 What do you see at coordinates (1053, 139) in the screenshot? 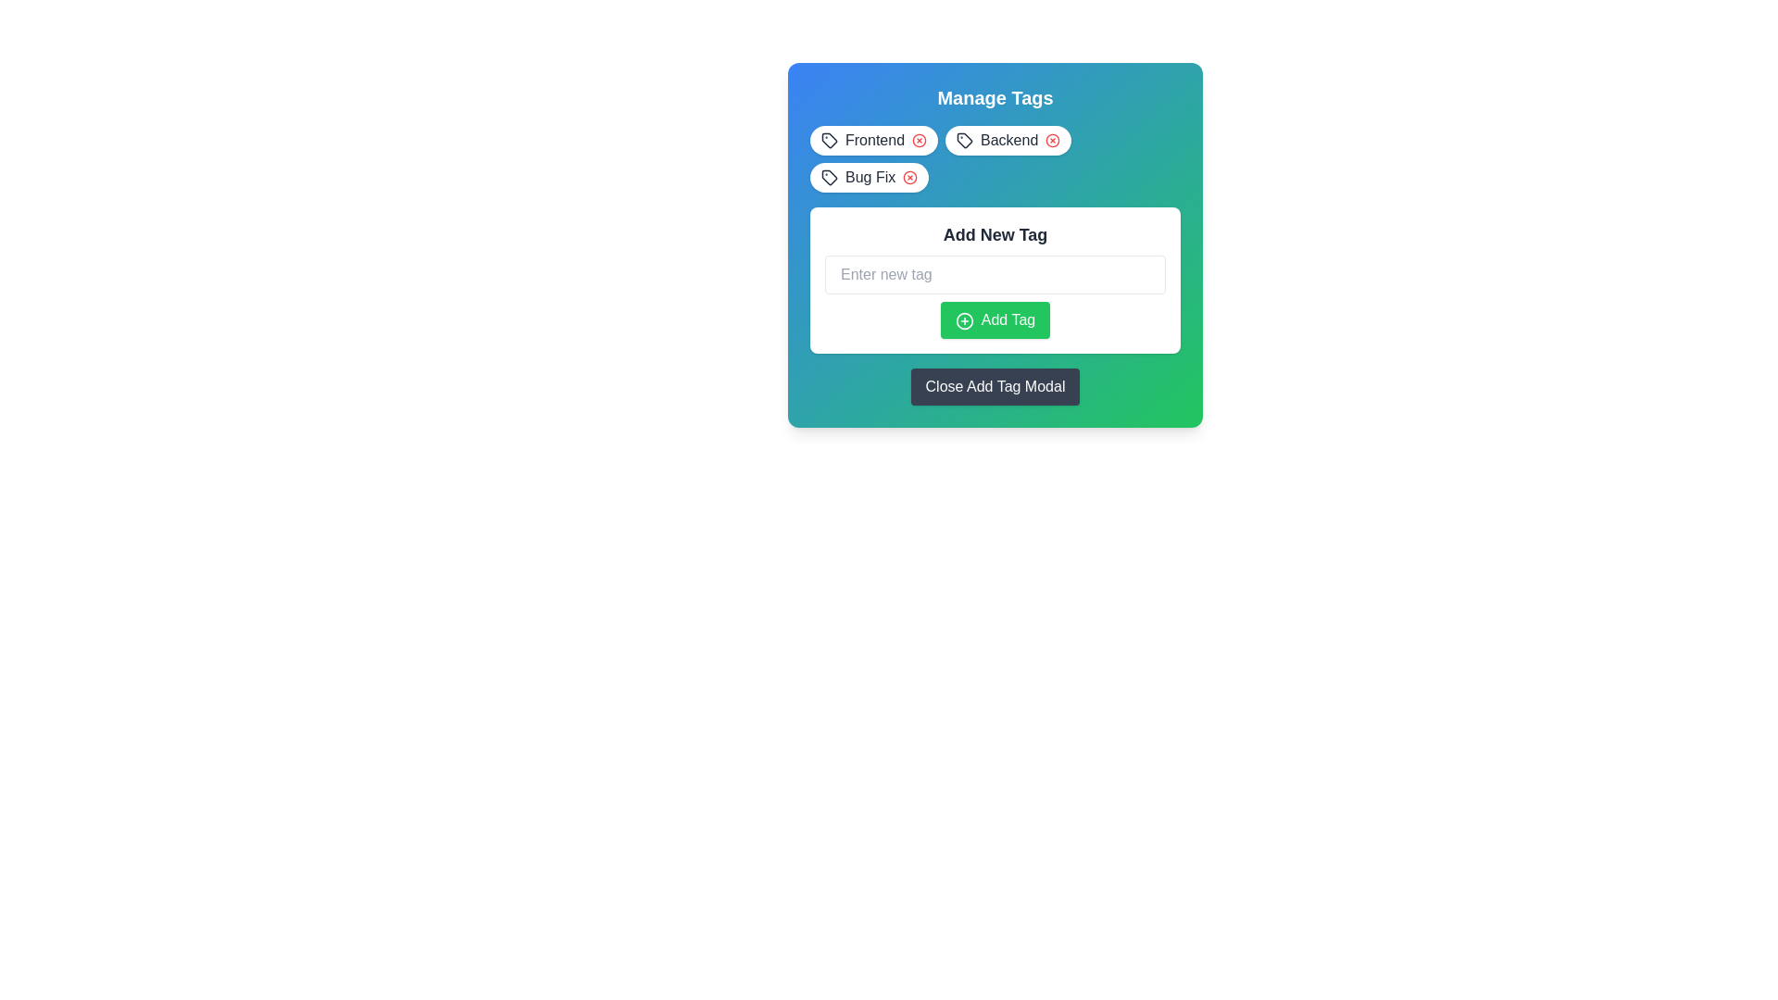
I see `the central circular component of the 'close' icon graphic in the 'Backend' tag within the 'Manage Tags' section` at bounding box center [1053, 139].